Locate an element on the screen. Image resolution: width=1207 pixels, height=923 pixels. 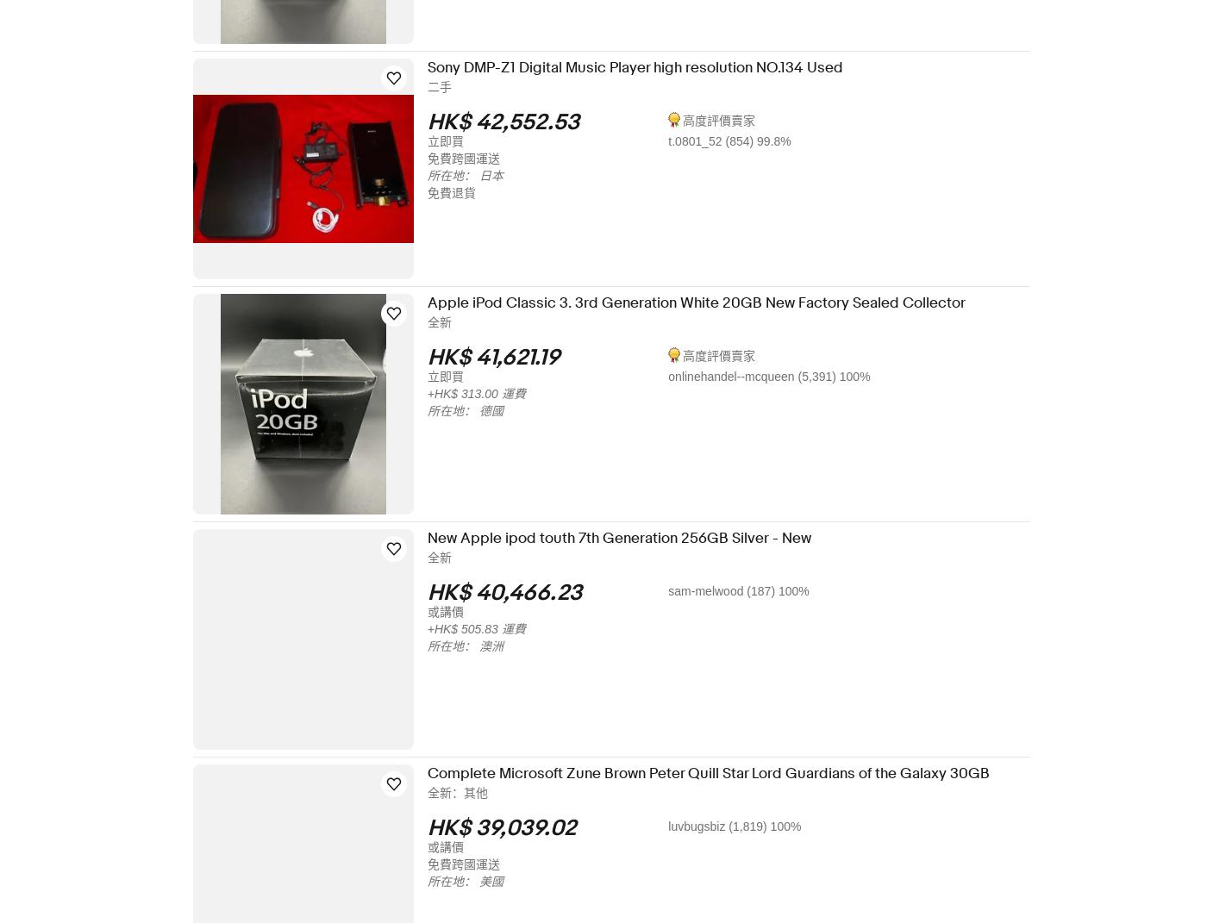
'Complete Microsoft Zune Brown Peter Quill Star Lord Guardians of the Galaxy 30GB' is located at coordinates (719, 773).